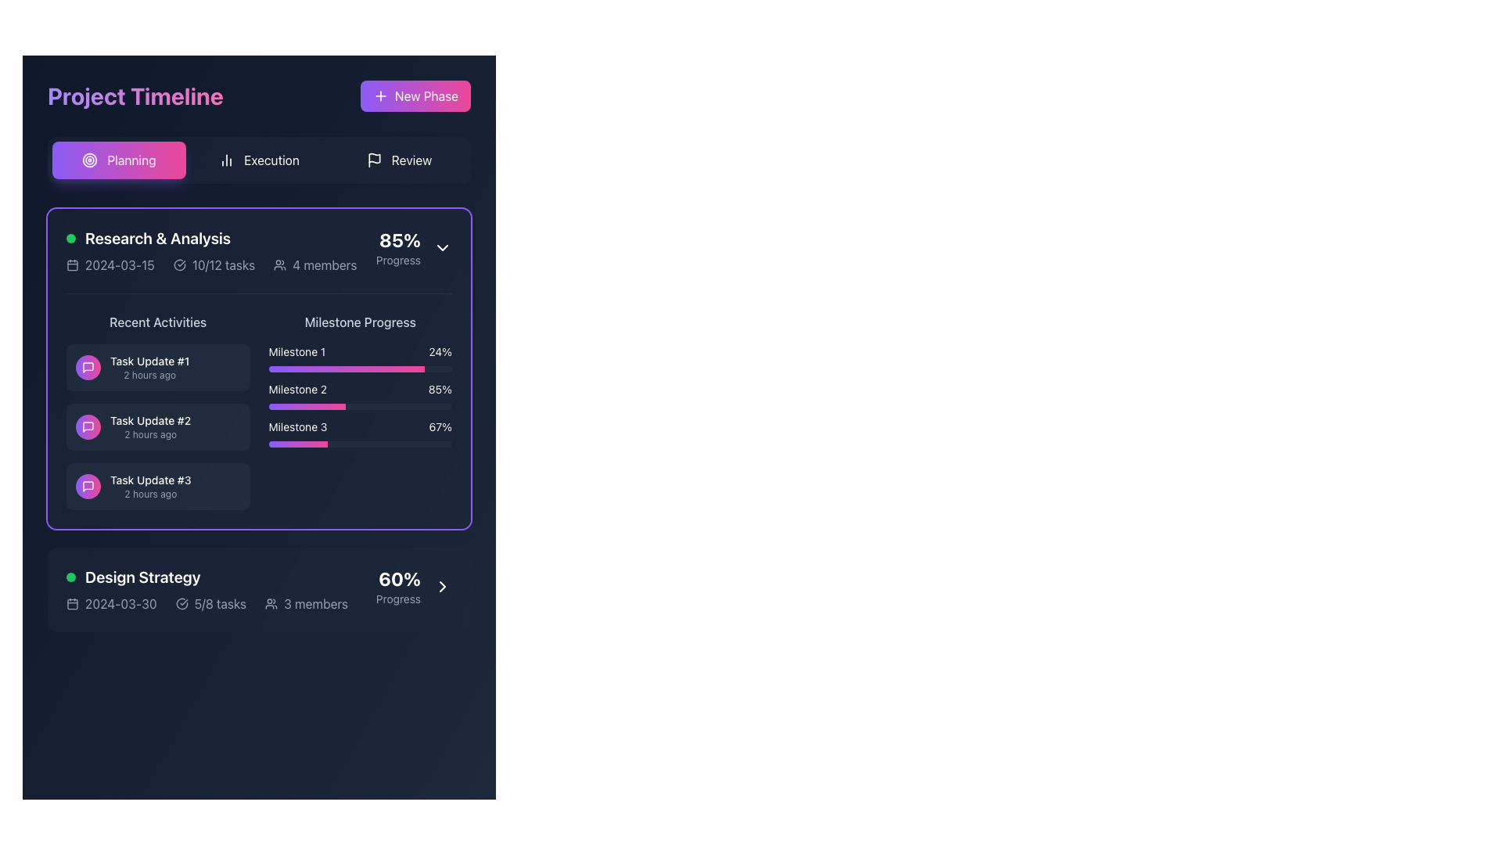 The height and width of the screenshot is (845, 1502). I want to click on the calendar icon located in the 'Design Strategy' section, positioned to the left of the date text '2024-03-30', so click(71, 602).